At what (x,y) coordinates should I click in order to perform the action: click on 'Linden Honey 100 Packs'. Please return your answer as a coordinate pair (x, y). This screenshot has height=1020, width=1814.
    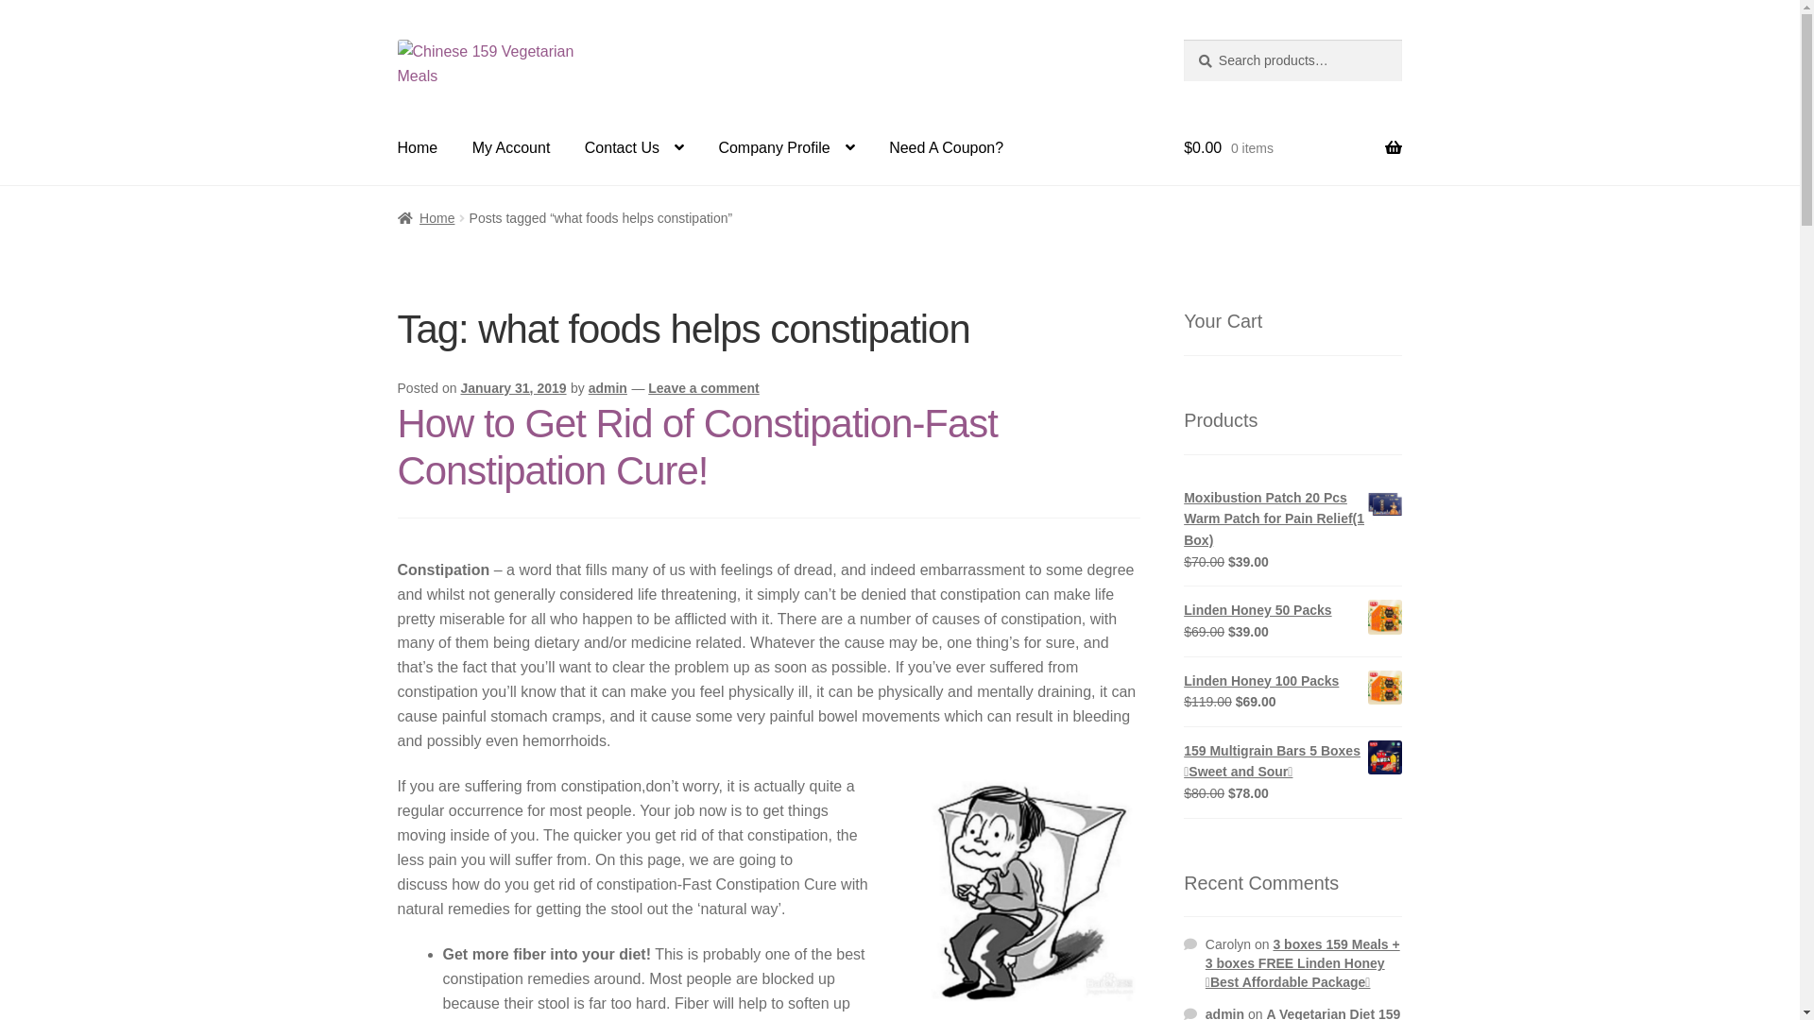
    Looking at the image, I should click on (1292, 681).